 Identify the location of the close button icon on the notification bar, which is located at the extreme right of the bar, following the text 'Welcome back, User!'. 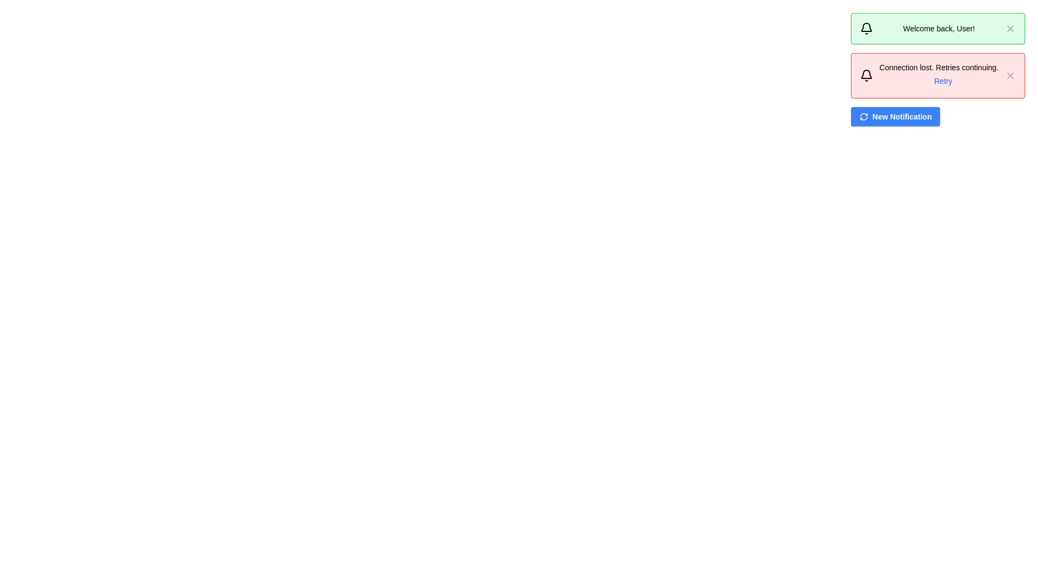
(1009, 28).